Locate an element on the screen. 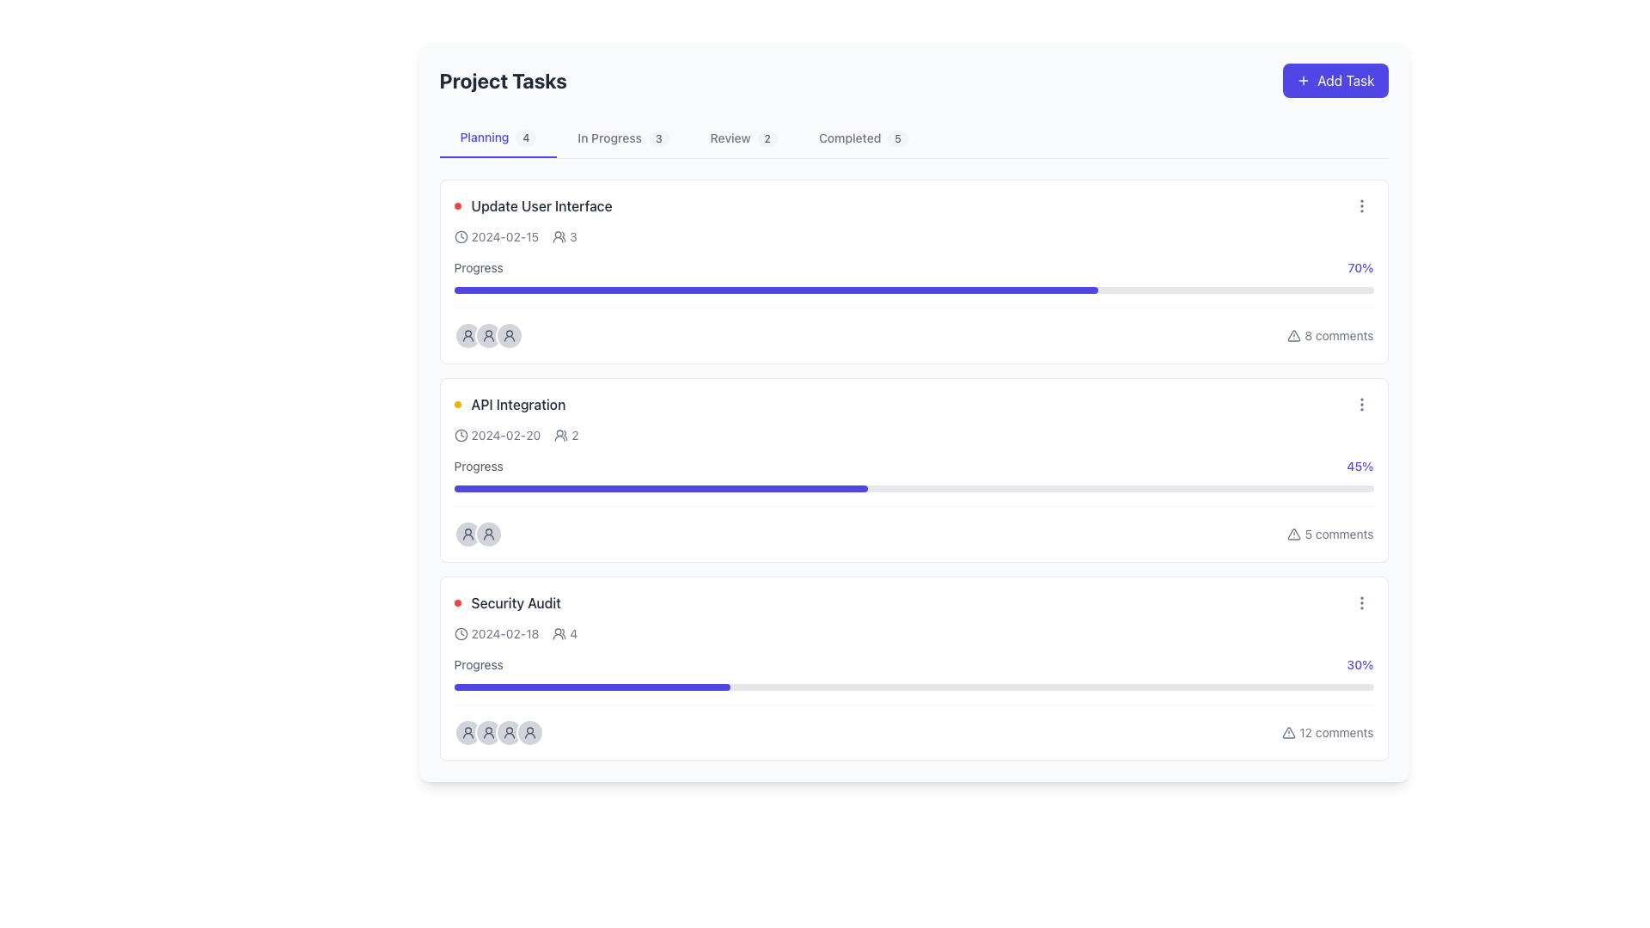 The height and width of the screenshot is (928, 1650). the progress bar located in the last task card labeled 'Security Audit', which has a light-gray background and a filled deep-indigo portion indicating 30% progress is located at coordinates (913, 686).